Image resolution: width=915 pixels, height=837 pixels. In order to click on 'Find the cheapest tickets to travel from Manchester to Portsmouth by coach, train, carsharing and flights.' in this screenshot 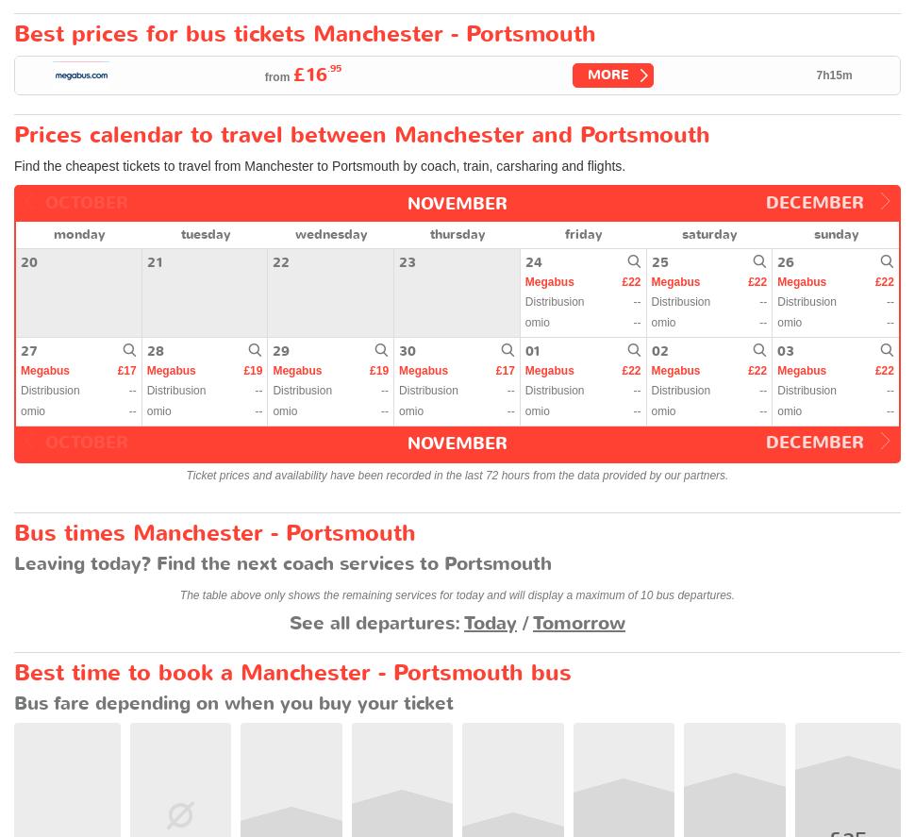, I will do `click(320, 164)`.